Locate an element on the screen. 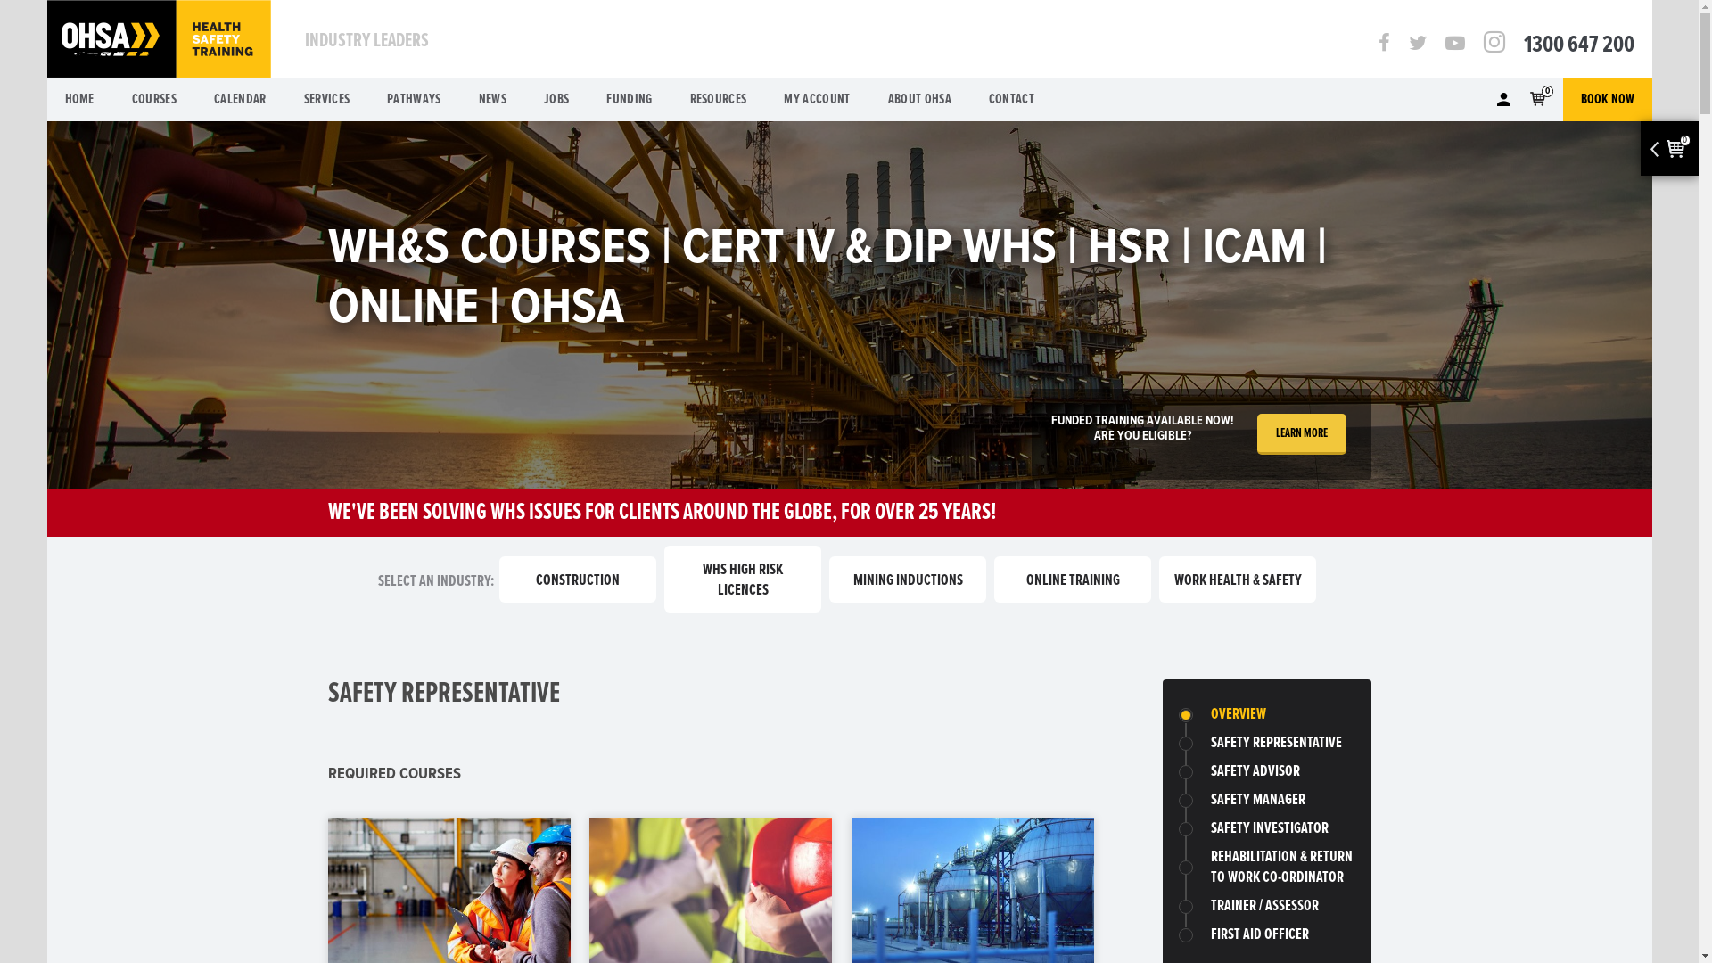  'CONTACT' is located at coordinates (1011, 99).